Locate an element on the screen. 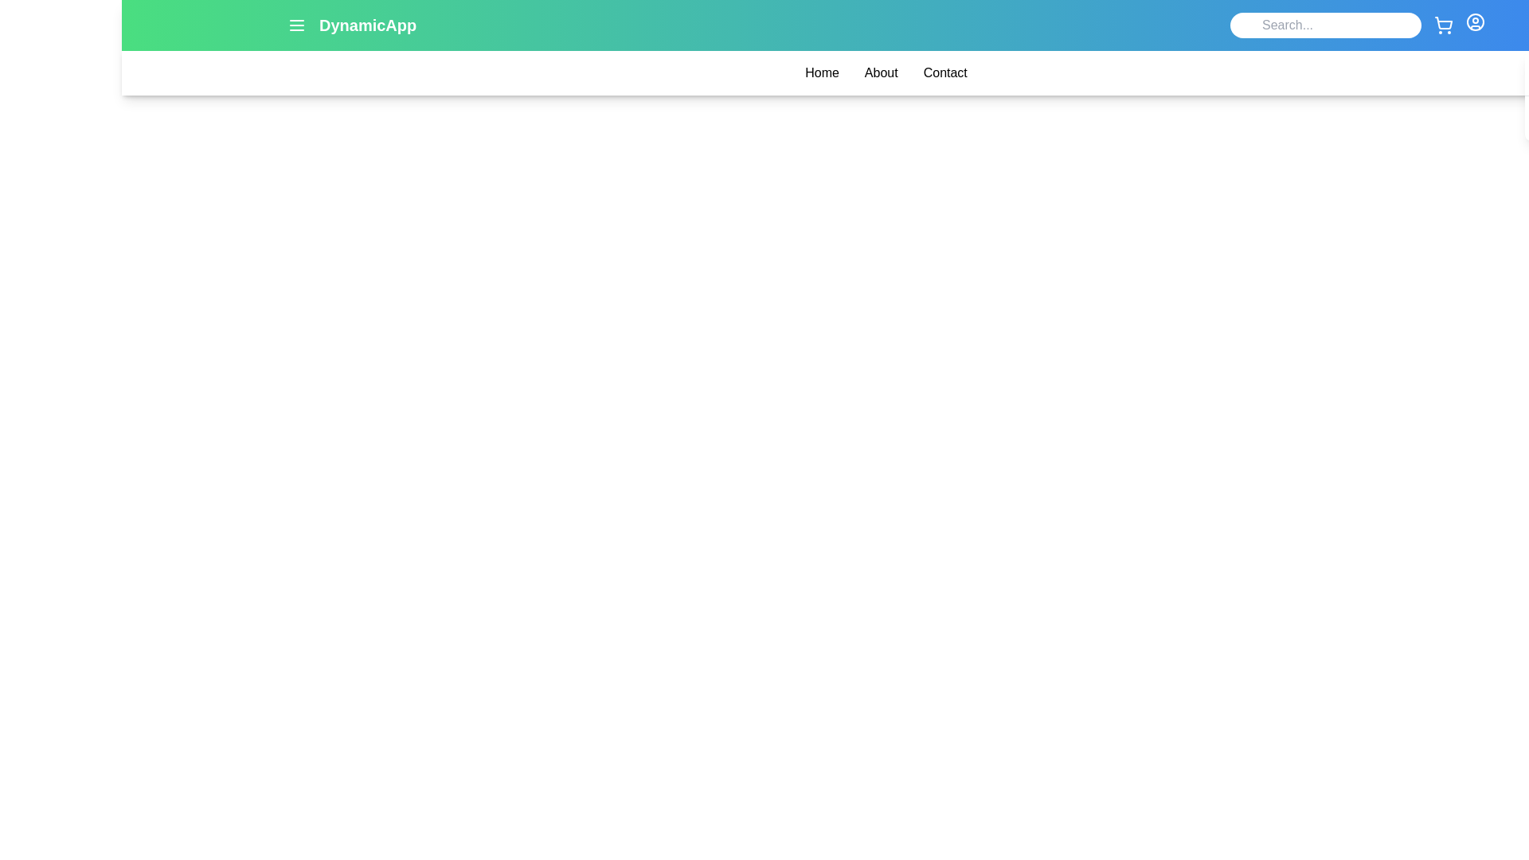 The height and width of the screenshot is (860, 1529). the 'Home' link in the menu bar is located at coordinates (822, 73).